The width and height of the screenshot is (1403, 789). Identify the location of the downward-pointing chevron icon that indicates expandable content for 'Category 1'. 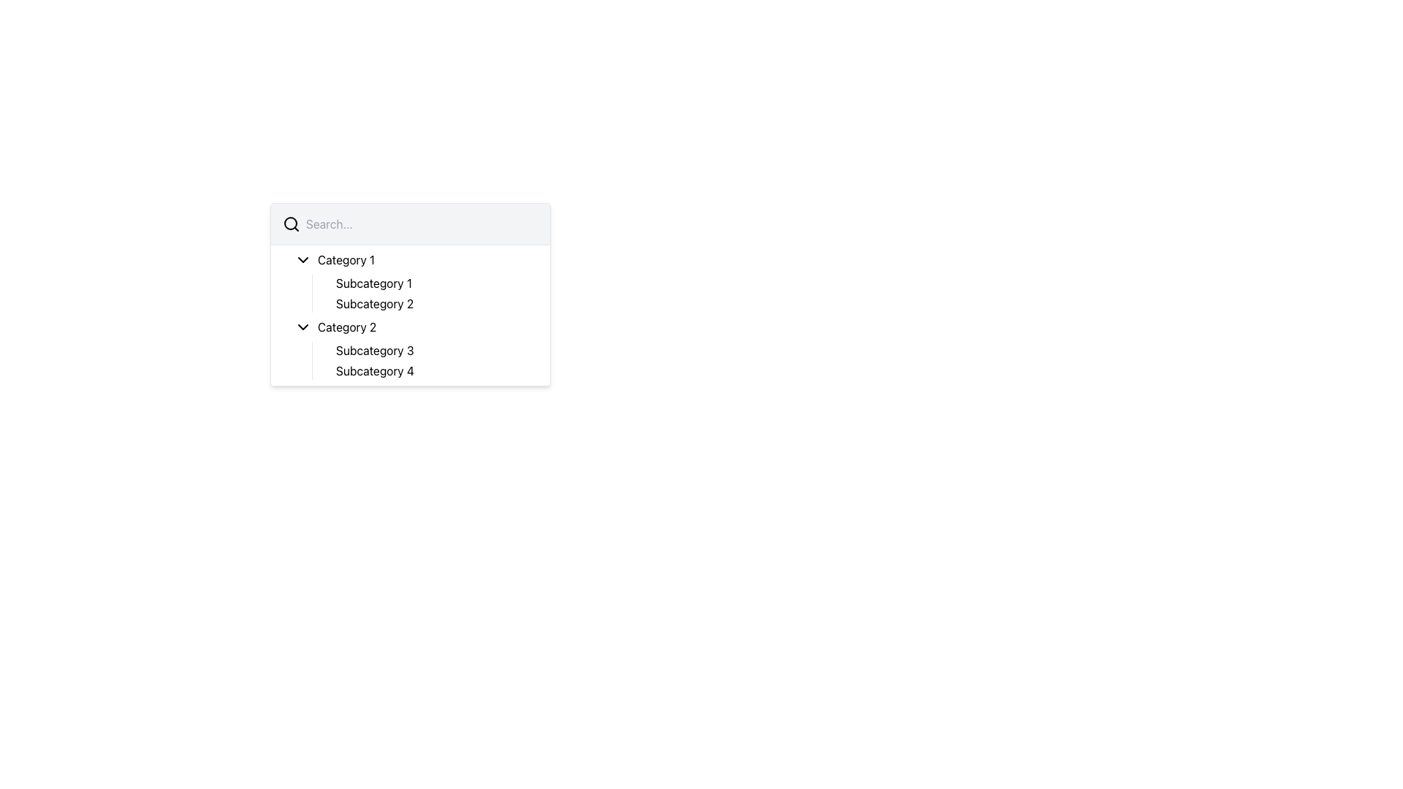
(302, 259).